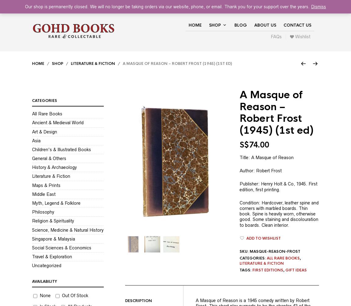 The image size is (351, 306). I want to click on 'My Account', so click(241, 5).